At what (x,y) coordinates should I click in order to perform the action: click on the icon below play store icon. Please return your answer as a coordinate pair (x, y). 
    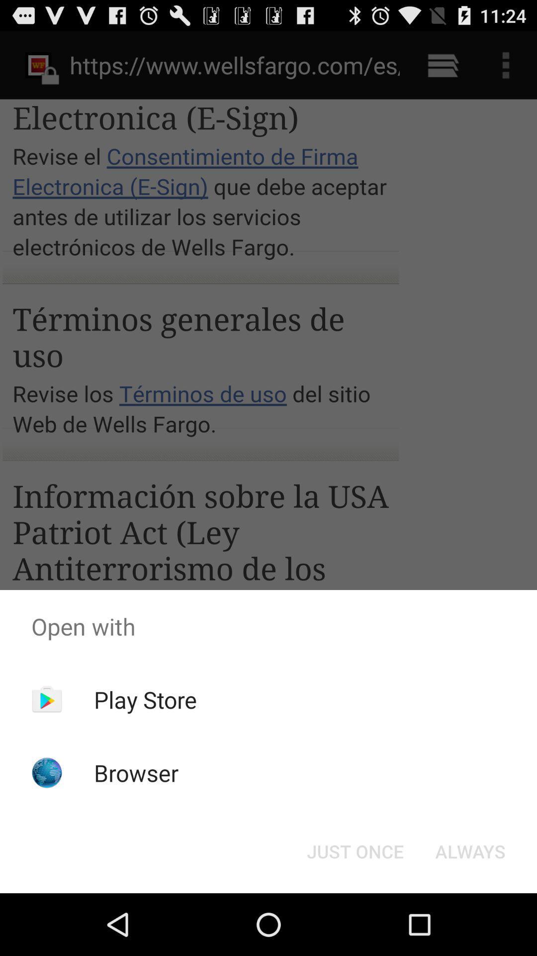
    Looking at the image, I should click on (136, 772).